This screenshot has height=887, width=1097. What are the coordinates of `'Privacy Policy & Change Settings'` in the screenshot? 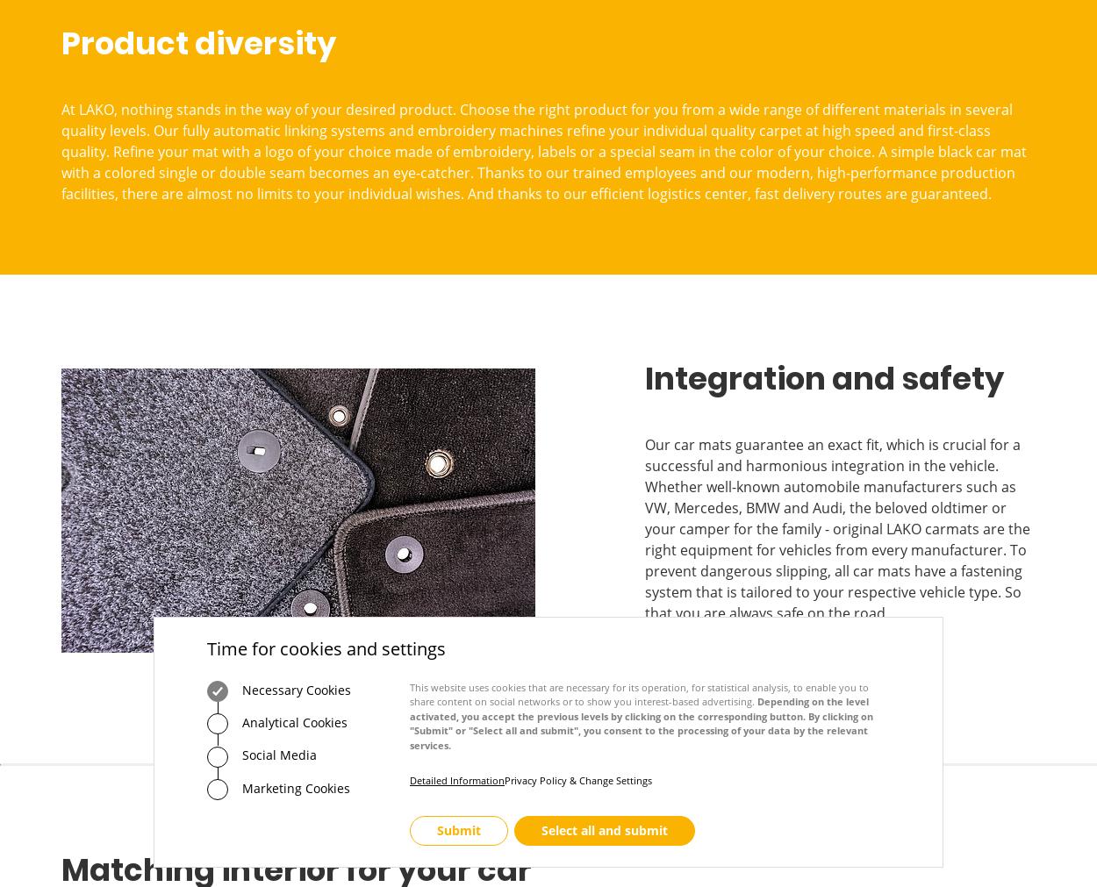 It's located at (504, 780).